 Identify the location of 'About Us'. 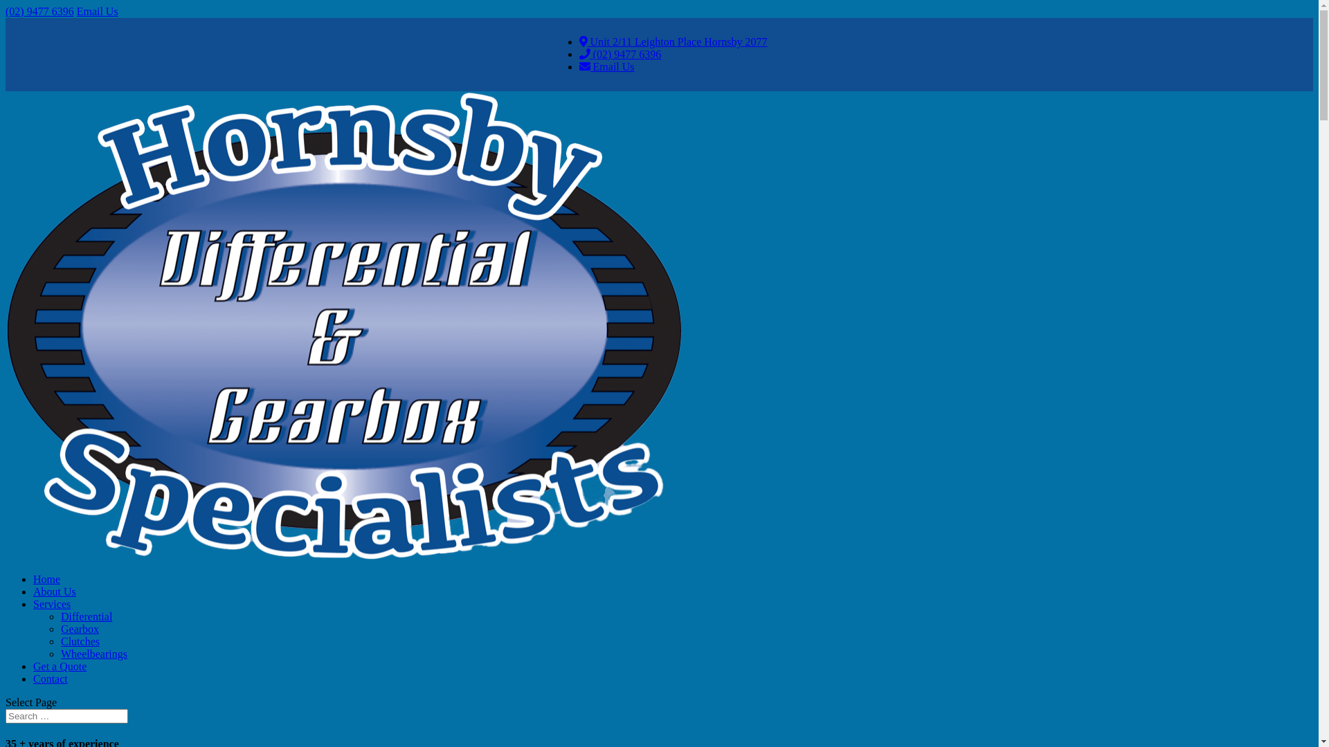
(54, 591).